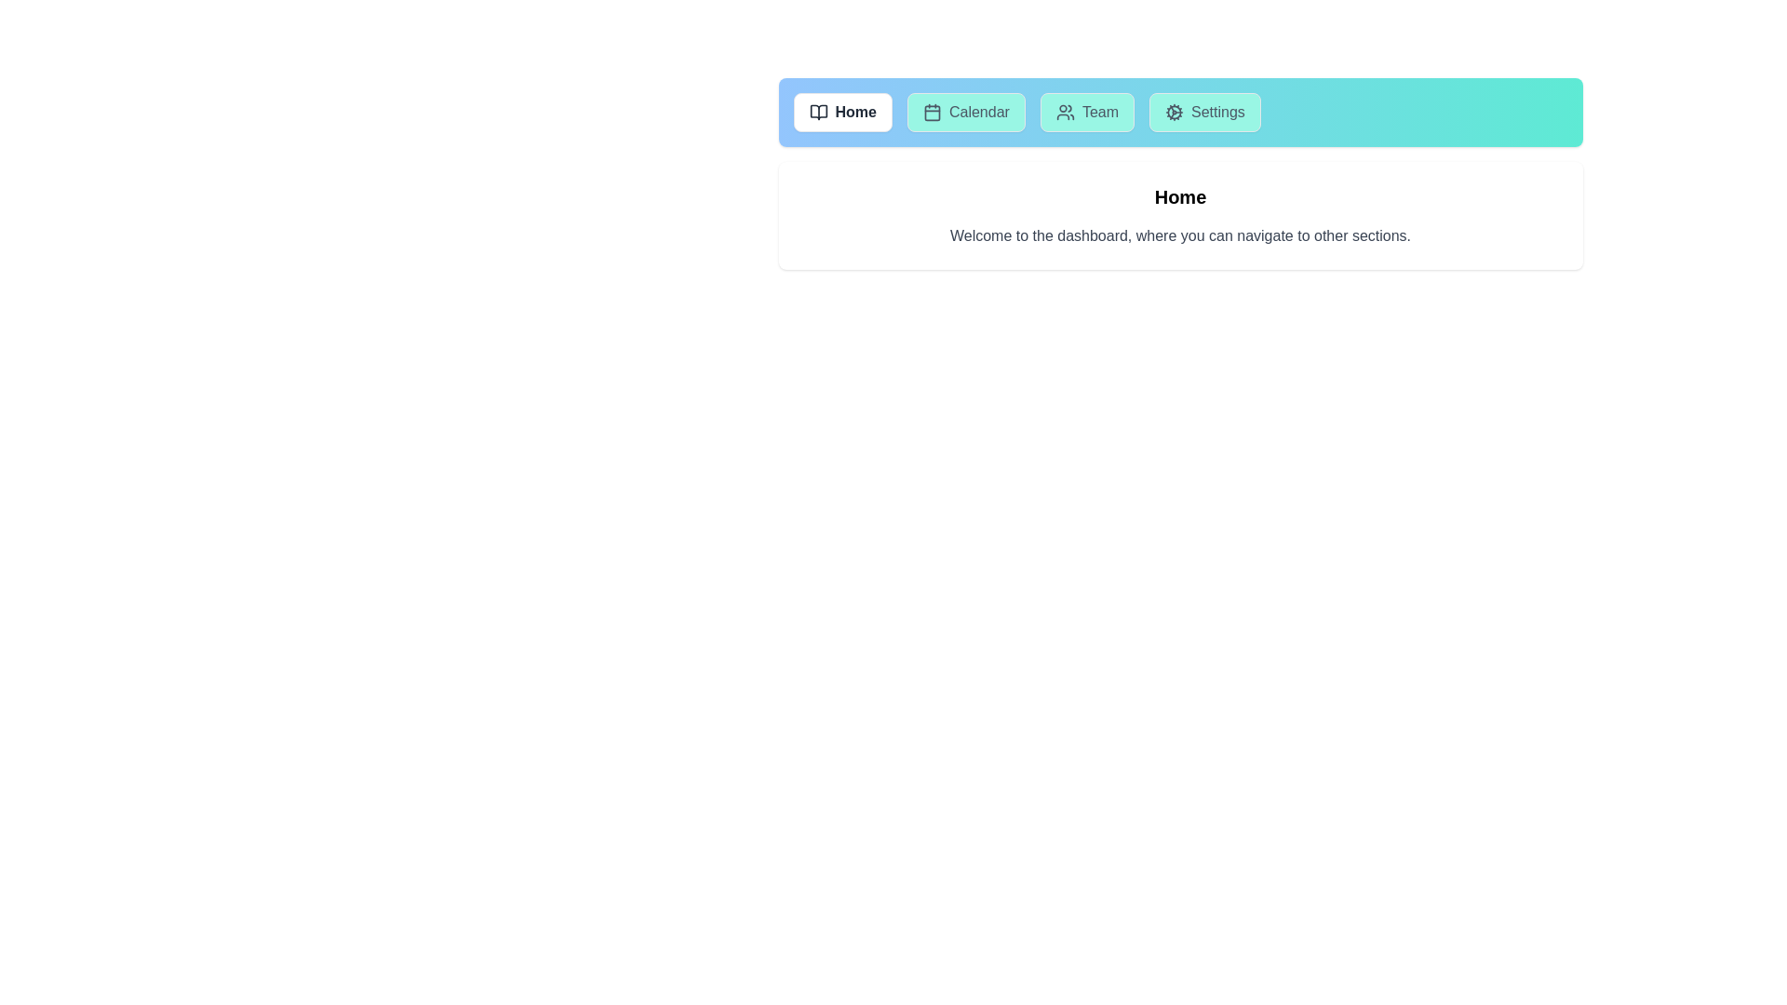 The image size is (1787, 1005). Describe the element at coordinates (966, 112) in the screenshot. I see `the tab labeled Calendar to view its content` at that location.